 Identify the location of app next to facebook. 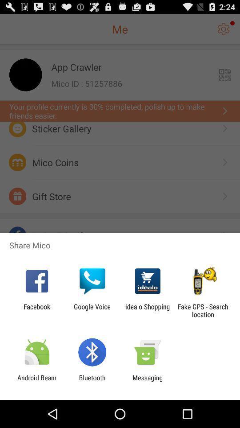
(92, 310).